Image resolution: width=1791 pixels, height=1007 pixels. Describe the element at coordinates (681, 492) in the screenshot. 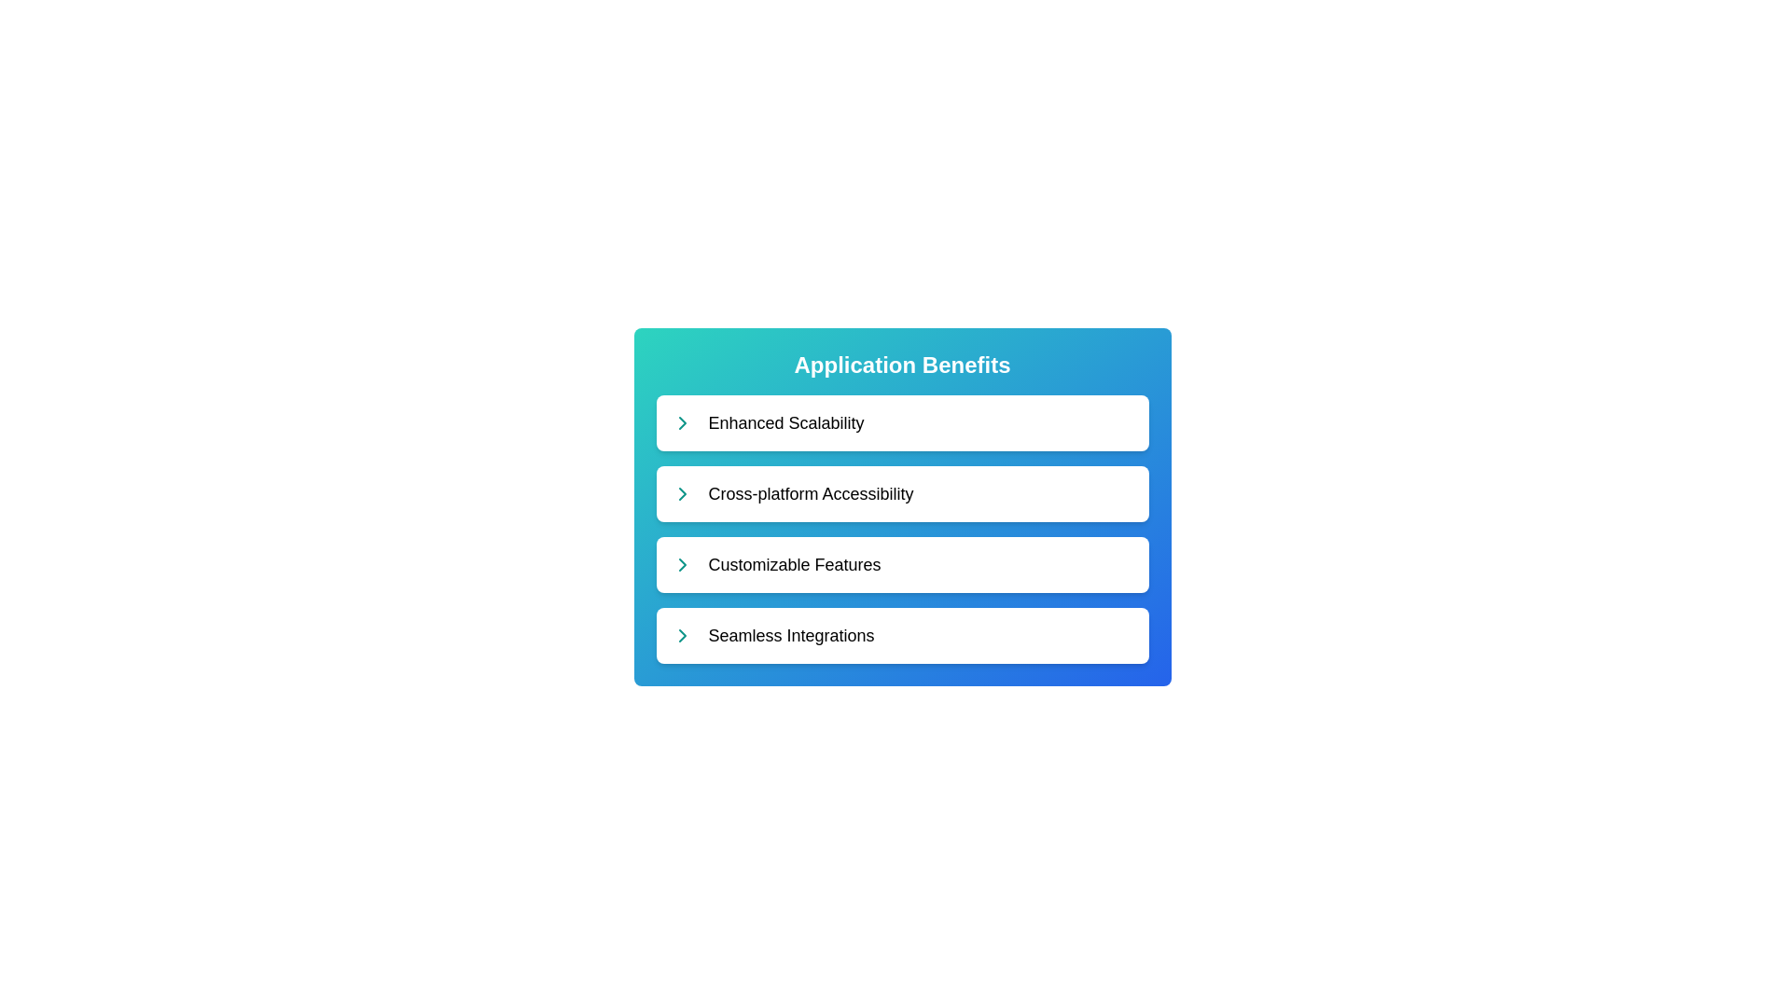

I see `the arrow-shaped icon pointing to the right, located at the left end of the 'Cross-platform Accessibility' list item` at that location.